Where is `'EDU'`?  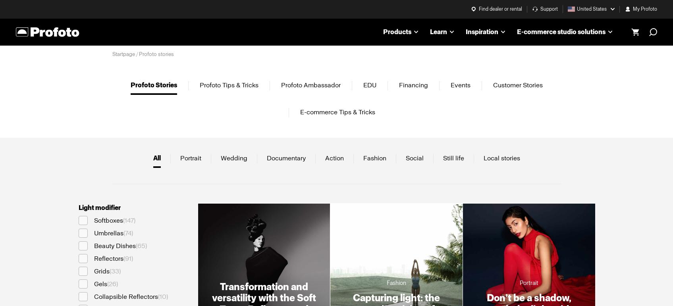 'EDU' is located at coordinates (369, 84).